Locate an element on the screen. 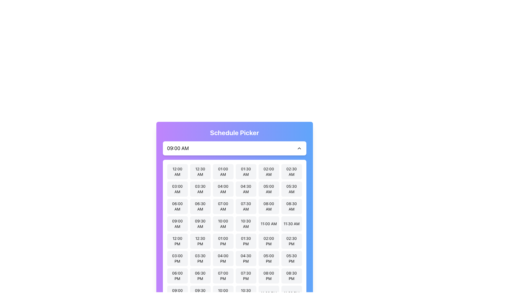  the button labeled '05:30 PM', which is a rectangular light gray button with rounded corners located in the bottom-right corner of the grid layout is located at coordinates (291, 258).